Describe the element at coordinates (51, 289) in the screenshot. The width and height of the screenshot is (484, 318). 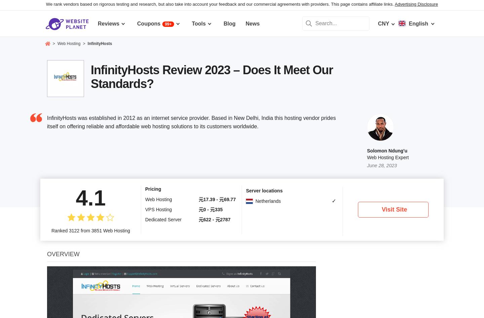
I see `'We hosted the same WordPress website on the most popular web hosting platforms and measured their performance'` at that location.